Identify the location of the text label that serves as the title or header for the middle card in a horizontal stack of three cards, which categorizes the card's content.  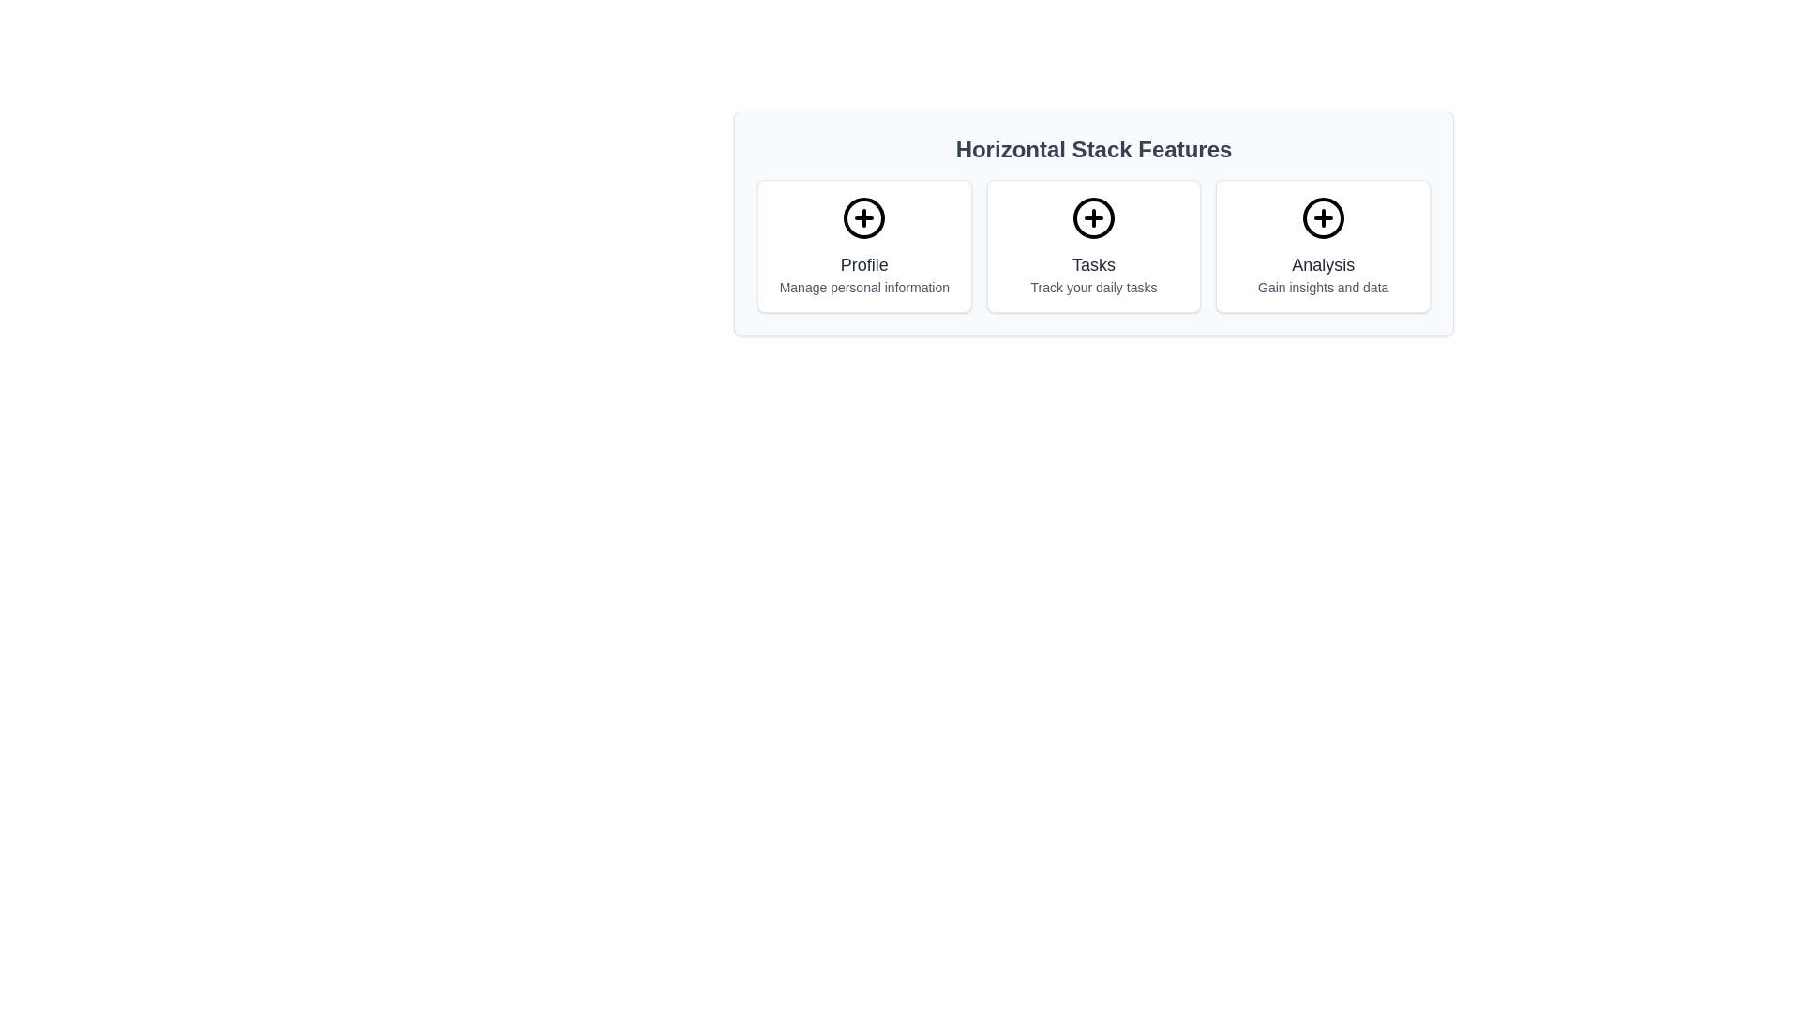
(1093, 264).